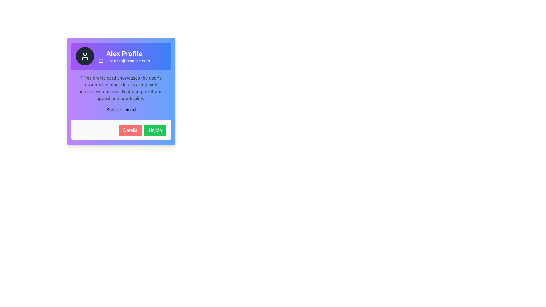  Describe the element at coordinates (155, 130) in the screenshot. I see `the undo button located in the bottom section of the card interface, positioned right next to the red 'Details' button` at that location.